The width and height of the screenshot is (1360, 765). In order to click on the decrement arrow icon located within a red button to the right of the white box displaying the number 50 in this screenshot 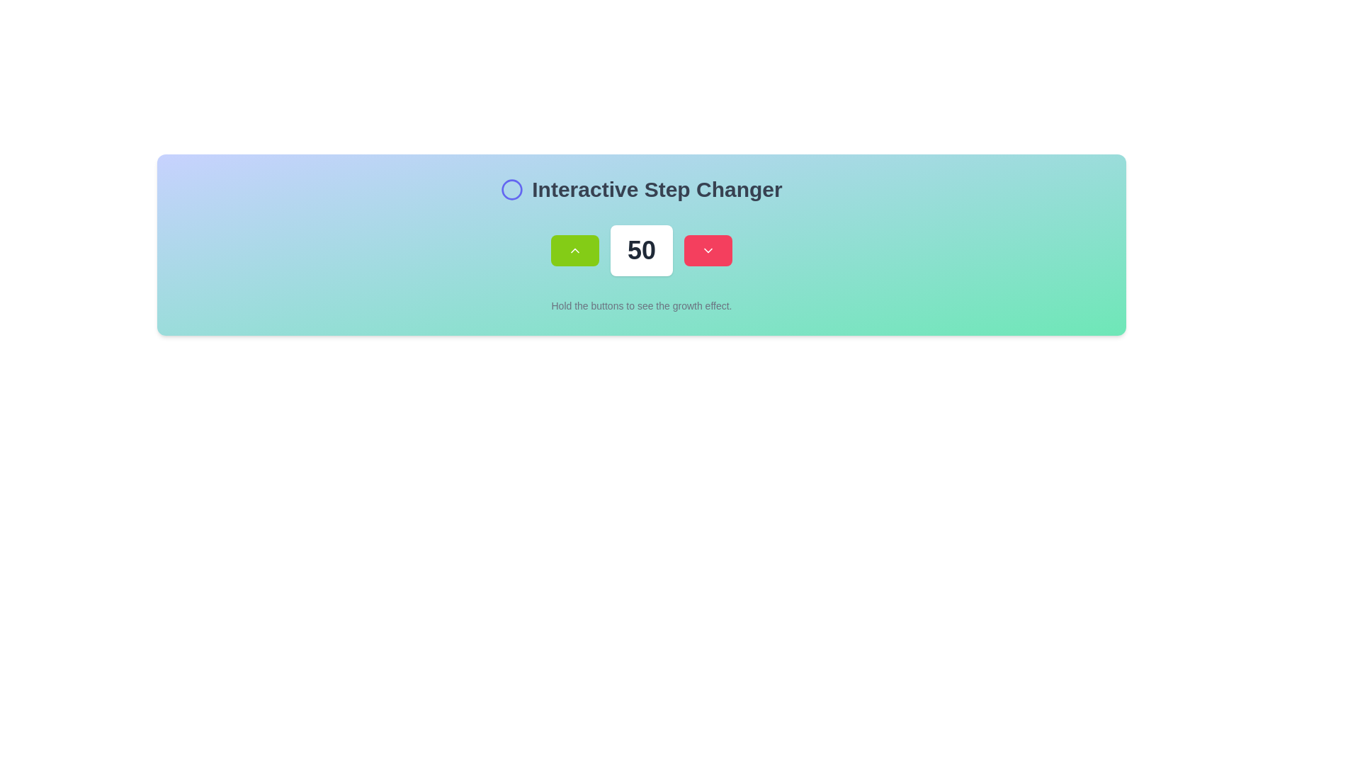, I will do `click(708, 250)`.